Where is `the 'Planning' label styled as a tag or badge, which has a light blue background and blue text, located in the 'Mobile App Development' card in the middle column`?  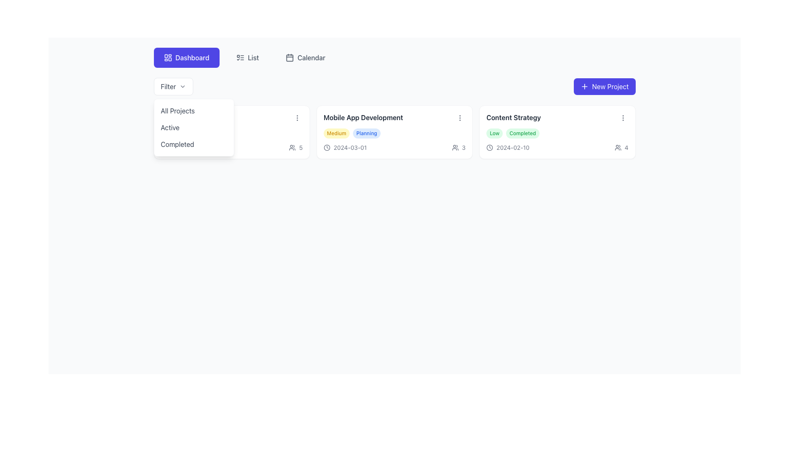 the 'Planning' label styled as a tag or badge, which has a light blue background and blue text, located in the 'Mobile App Development' card in the middle column is located at coordinates (366, 133).